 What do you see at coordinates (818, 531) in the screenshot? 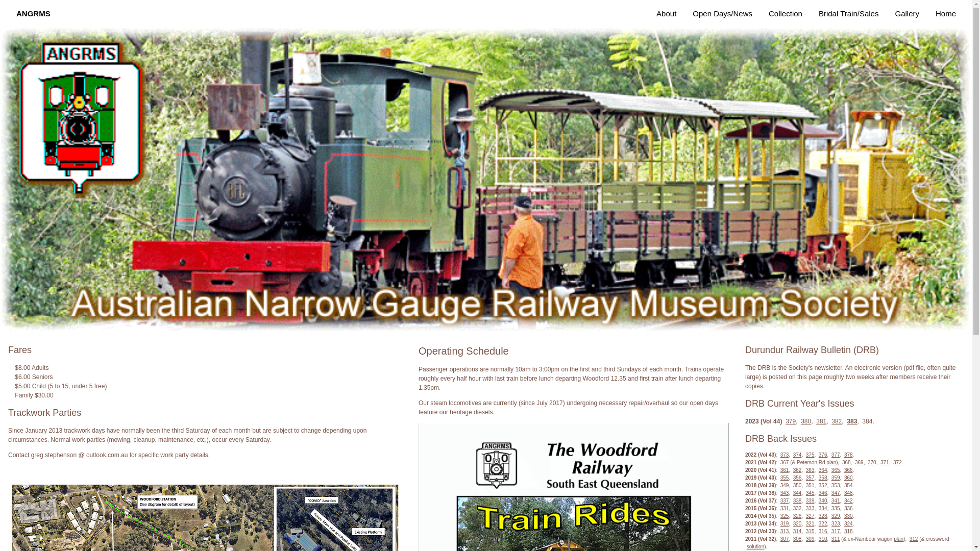
I see `'316'` at bounding box center [818, 531].